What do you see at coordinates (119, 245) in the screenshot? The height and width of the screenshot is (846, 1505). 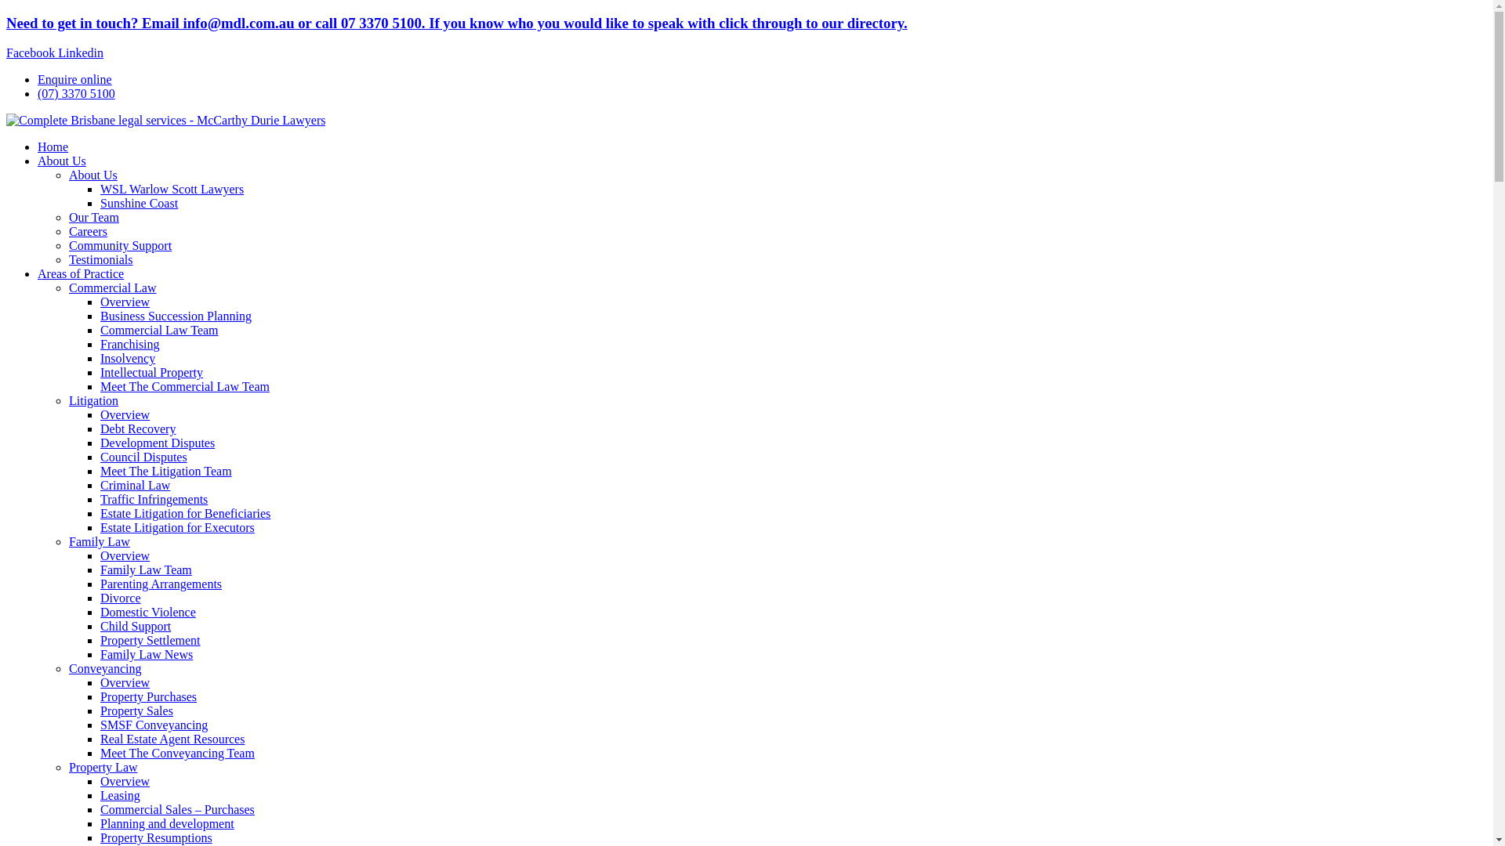 I see `'Community Support'` at bounding box center [119, 245].